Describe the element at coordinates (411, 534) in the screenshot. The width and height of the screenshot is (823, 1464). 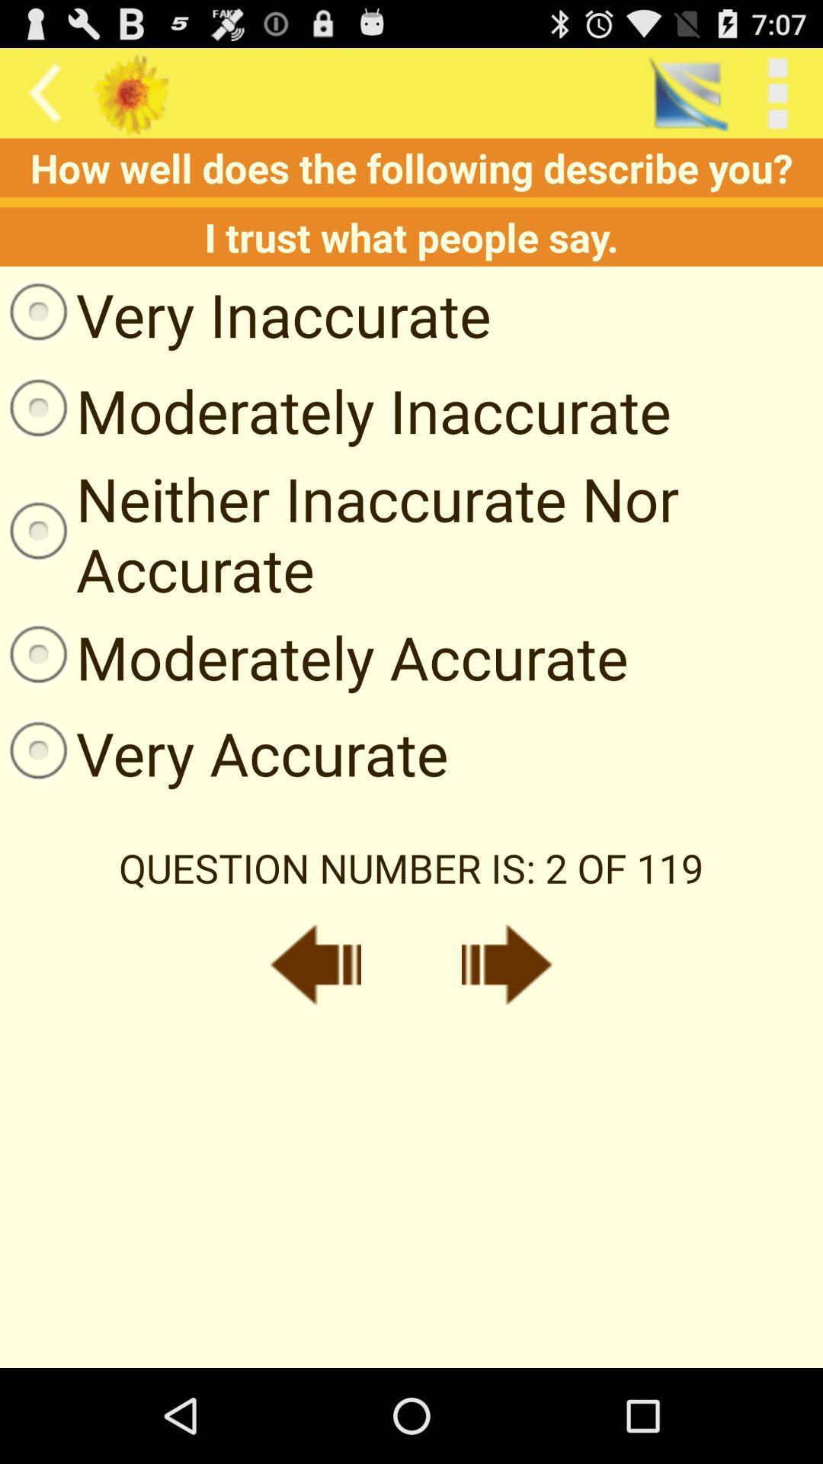
I see `neither inaccurate nor` at that location.